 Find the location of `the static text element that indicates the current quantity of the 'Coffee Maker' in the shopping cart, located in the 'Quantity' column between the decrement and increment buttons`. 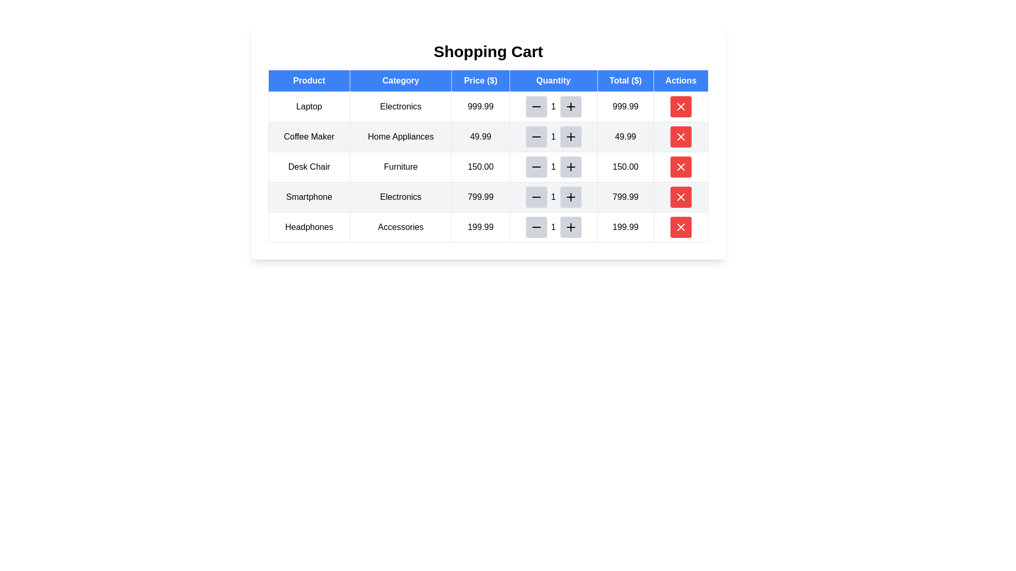

the static text element that indicates the current quantity of the 'Coffee Maker' in the shopping cart, located in the 'Quantity' column between the decrement and increment buttons is located at coordinates (553, 136).